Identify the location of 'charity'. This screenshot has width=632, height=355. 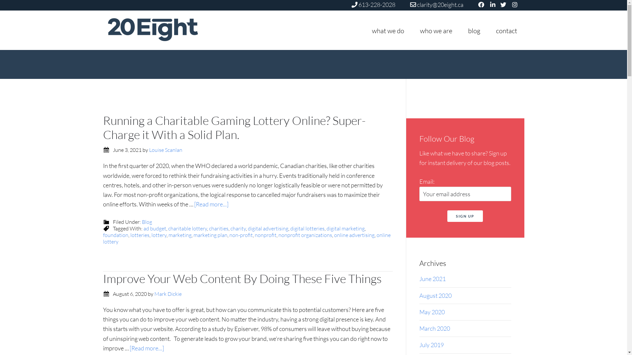
(230, 228).